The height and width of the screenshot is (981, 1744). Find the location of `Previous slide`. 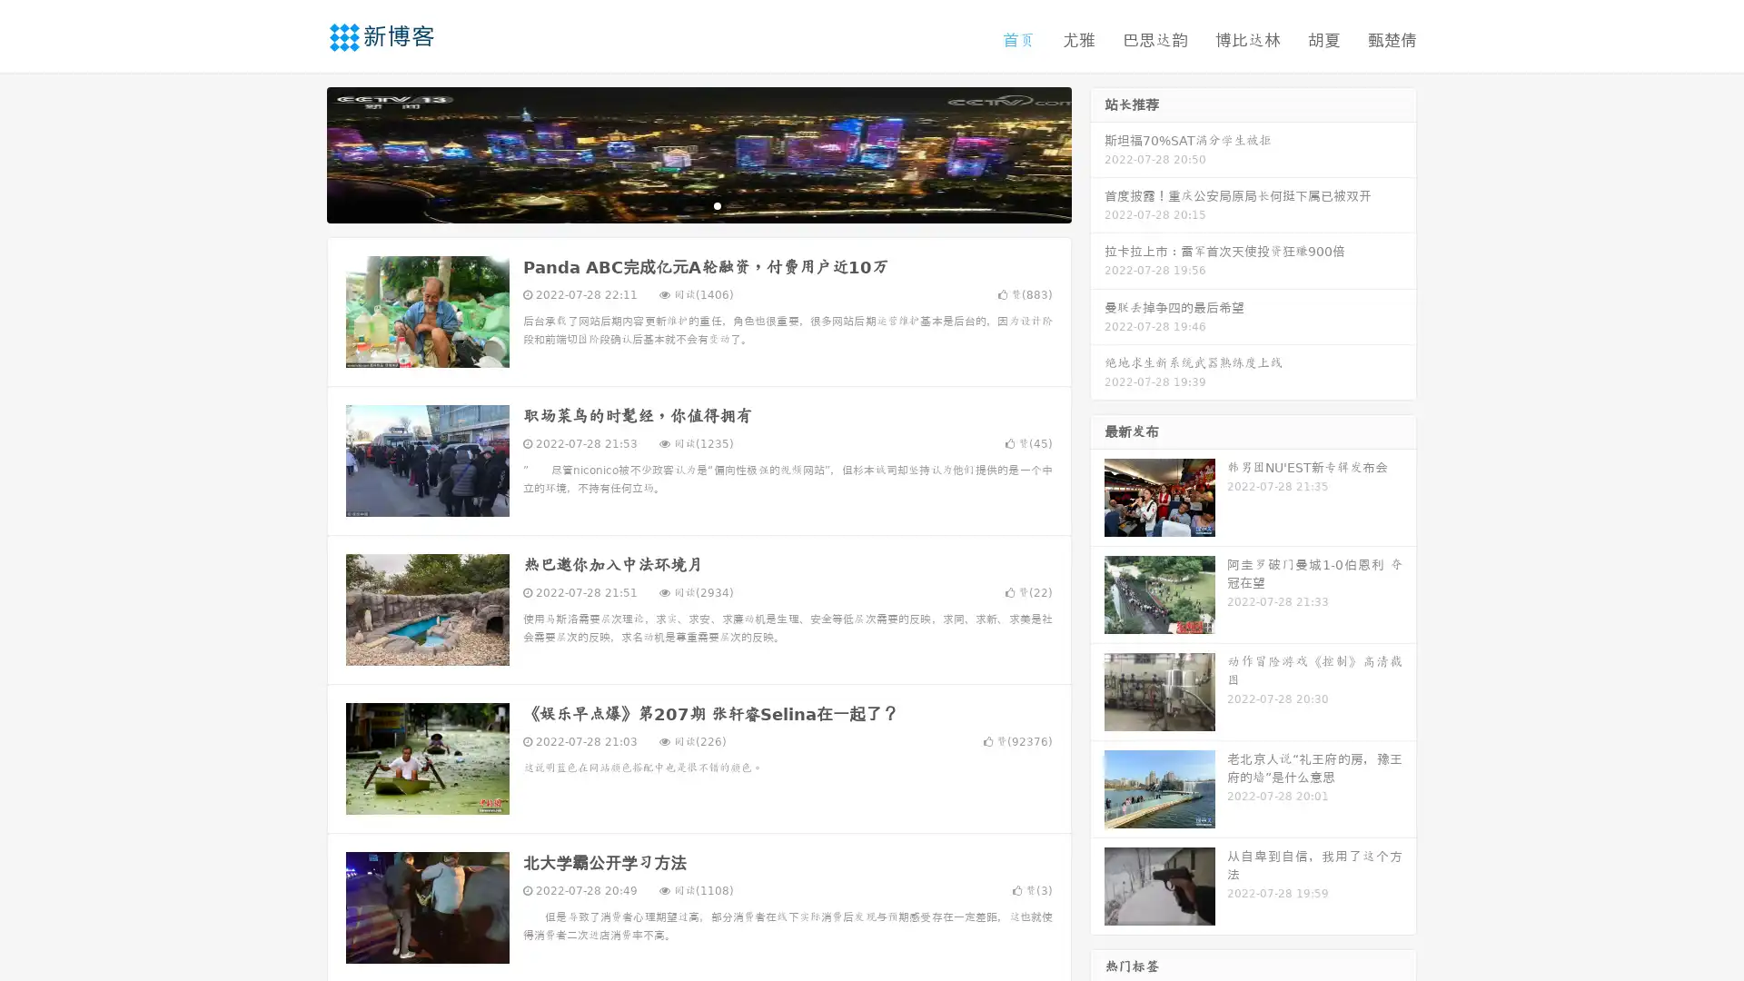

Previous slide is located at coordinates (300, 153).